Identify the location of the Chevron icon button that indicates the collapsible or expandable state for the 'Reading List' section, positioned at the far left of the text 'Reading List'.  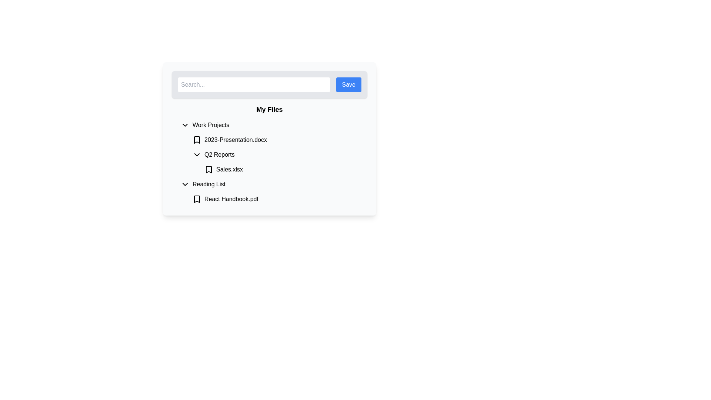
(185, 184).